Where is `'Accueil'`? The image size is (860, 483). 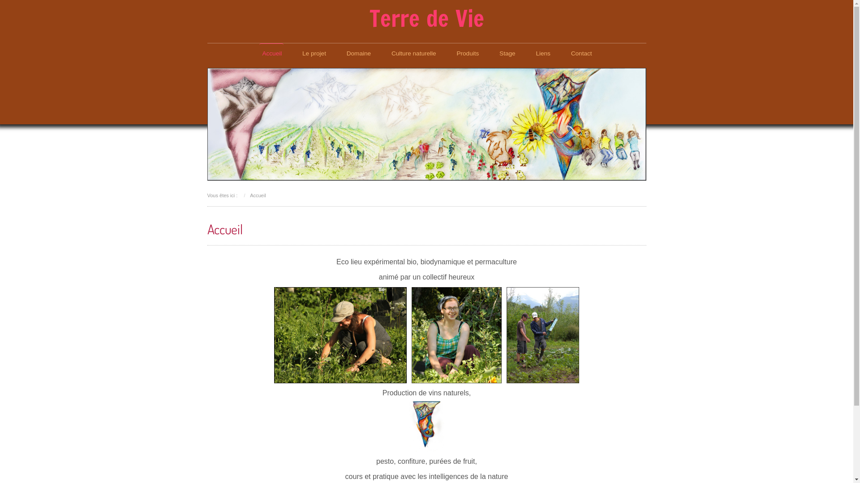 'Accueil' is located at coordinates (271, 53).